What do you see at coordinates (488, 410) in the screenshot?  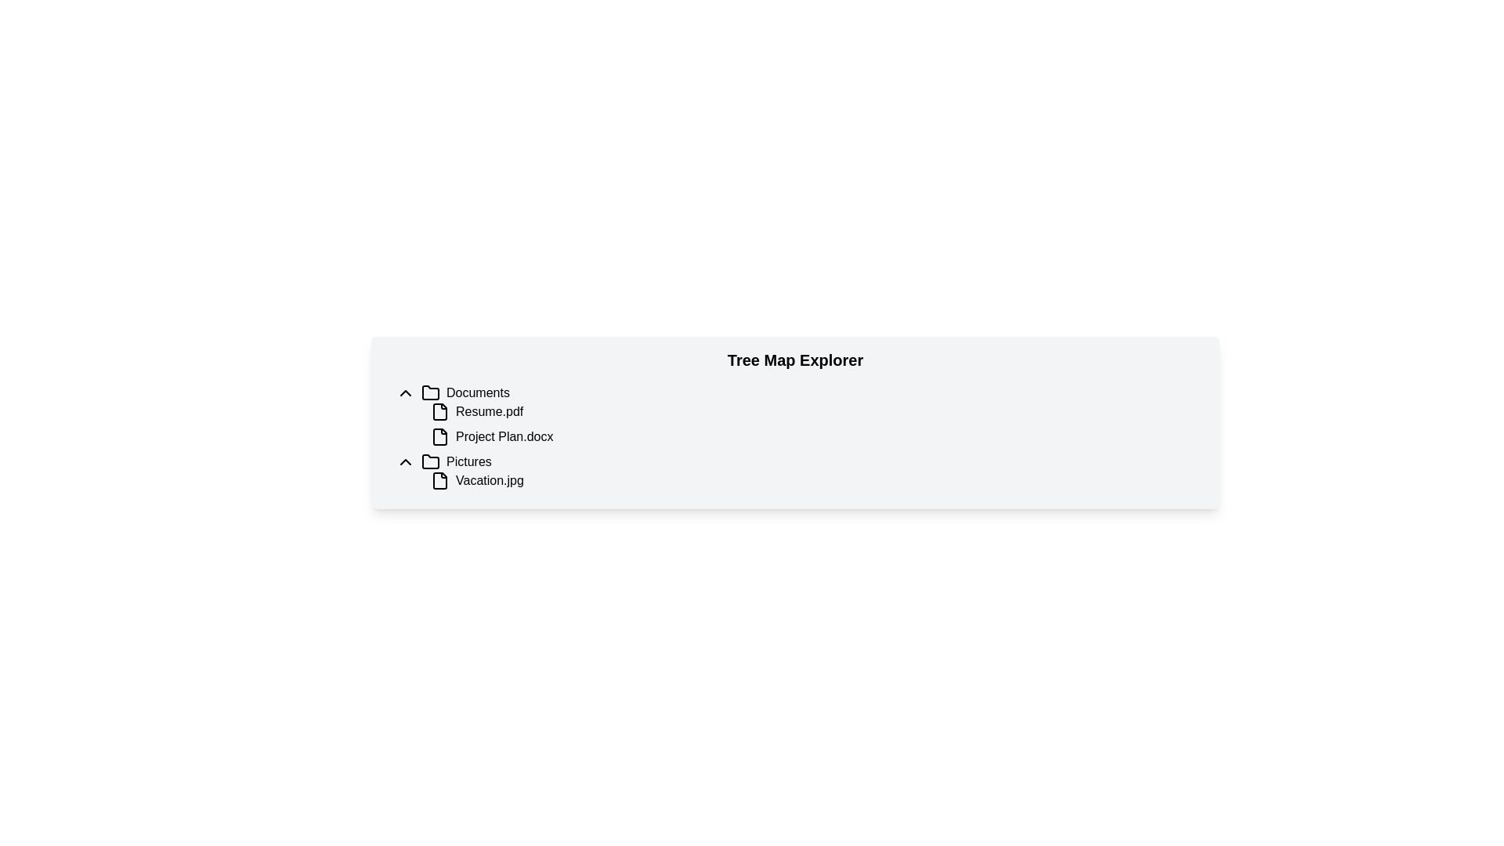 I see `on the text label displaying 'Resume.pdf'` at bounding box center [488, 410].